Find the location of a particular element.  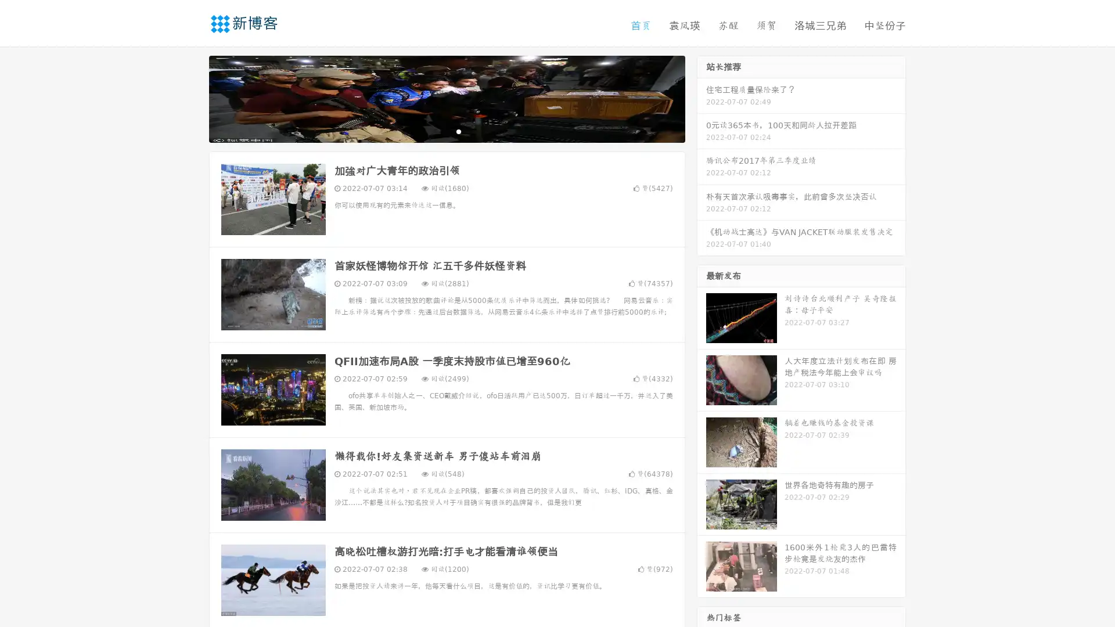

Next slide is located at coordinates (702, 98).